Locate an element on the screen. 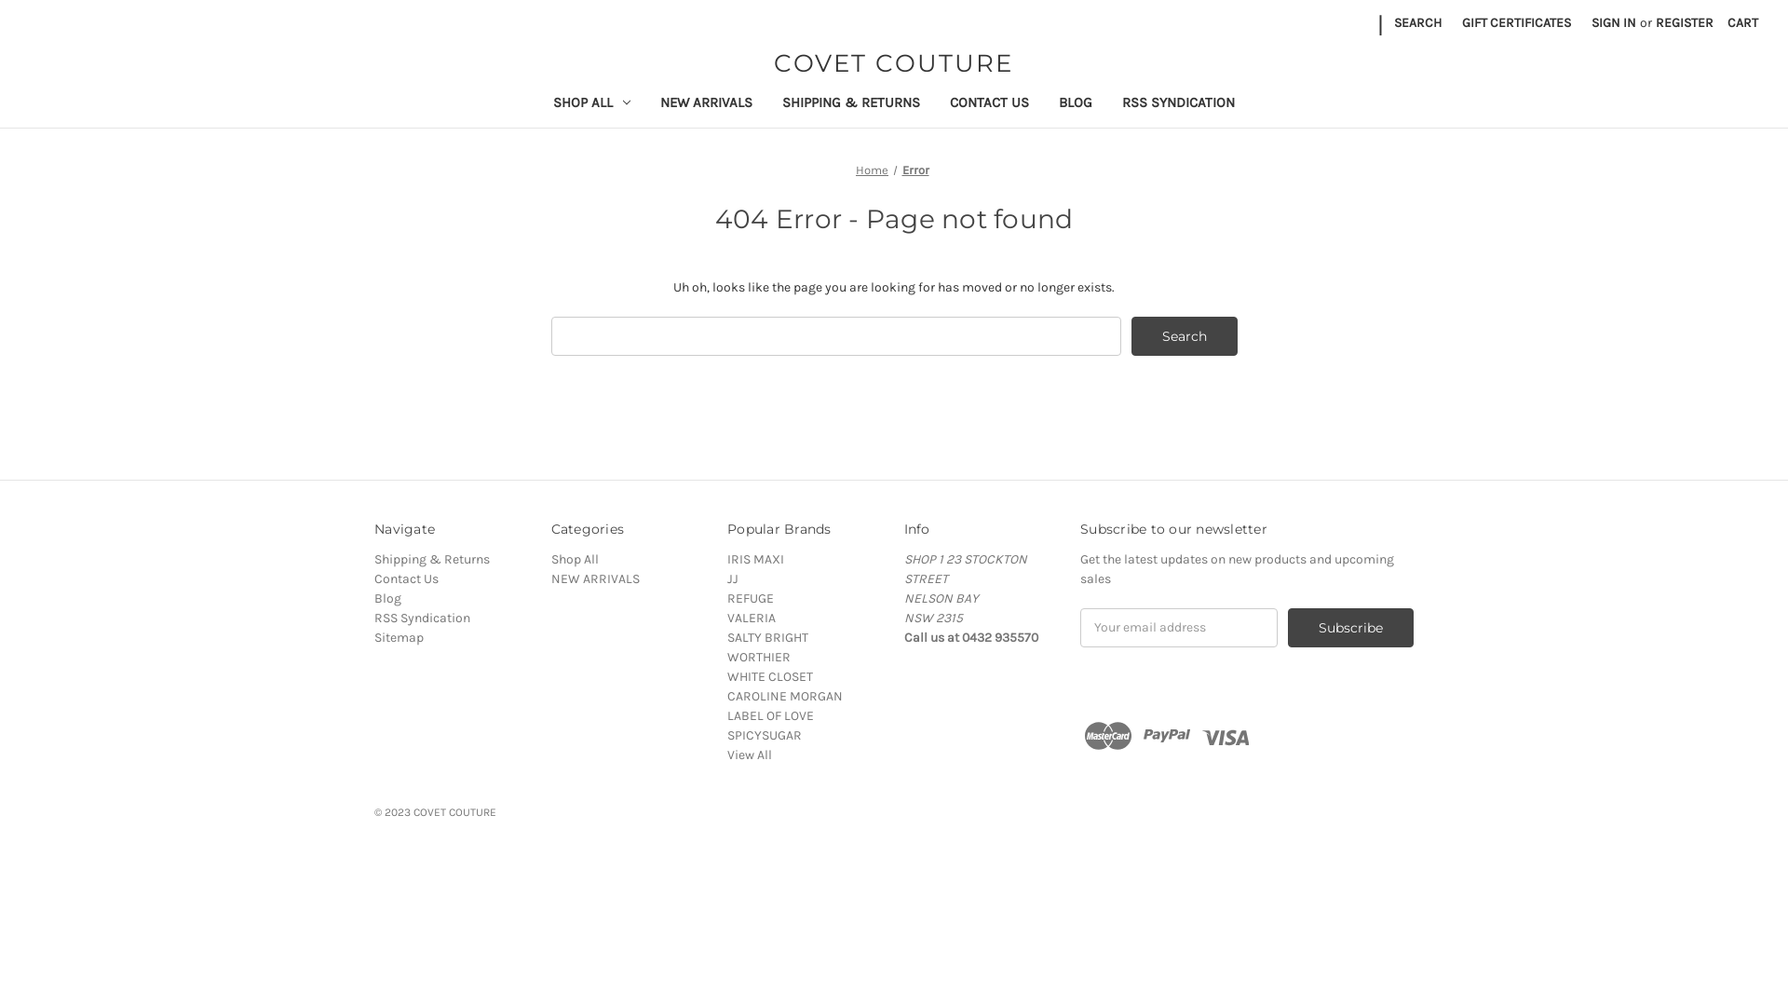 The height and width of the screenshot is (1006, 1788). 'WORTHIER' is located at coordinates (726, 656).